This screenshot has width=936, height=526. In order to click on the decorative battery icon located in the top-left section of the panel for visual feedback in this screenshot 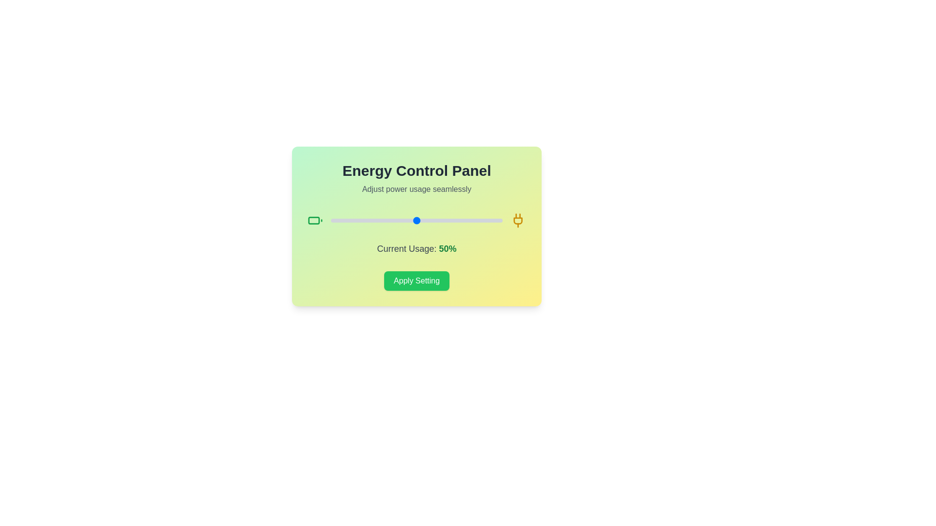, I will do `click(315, 220)`.